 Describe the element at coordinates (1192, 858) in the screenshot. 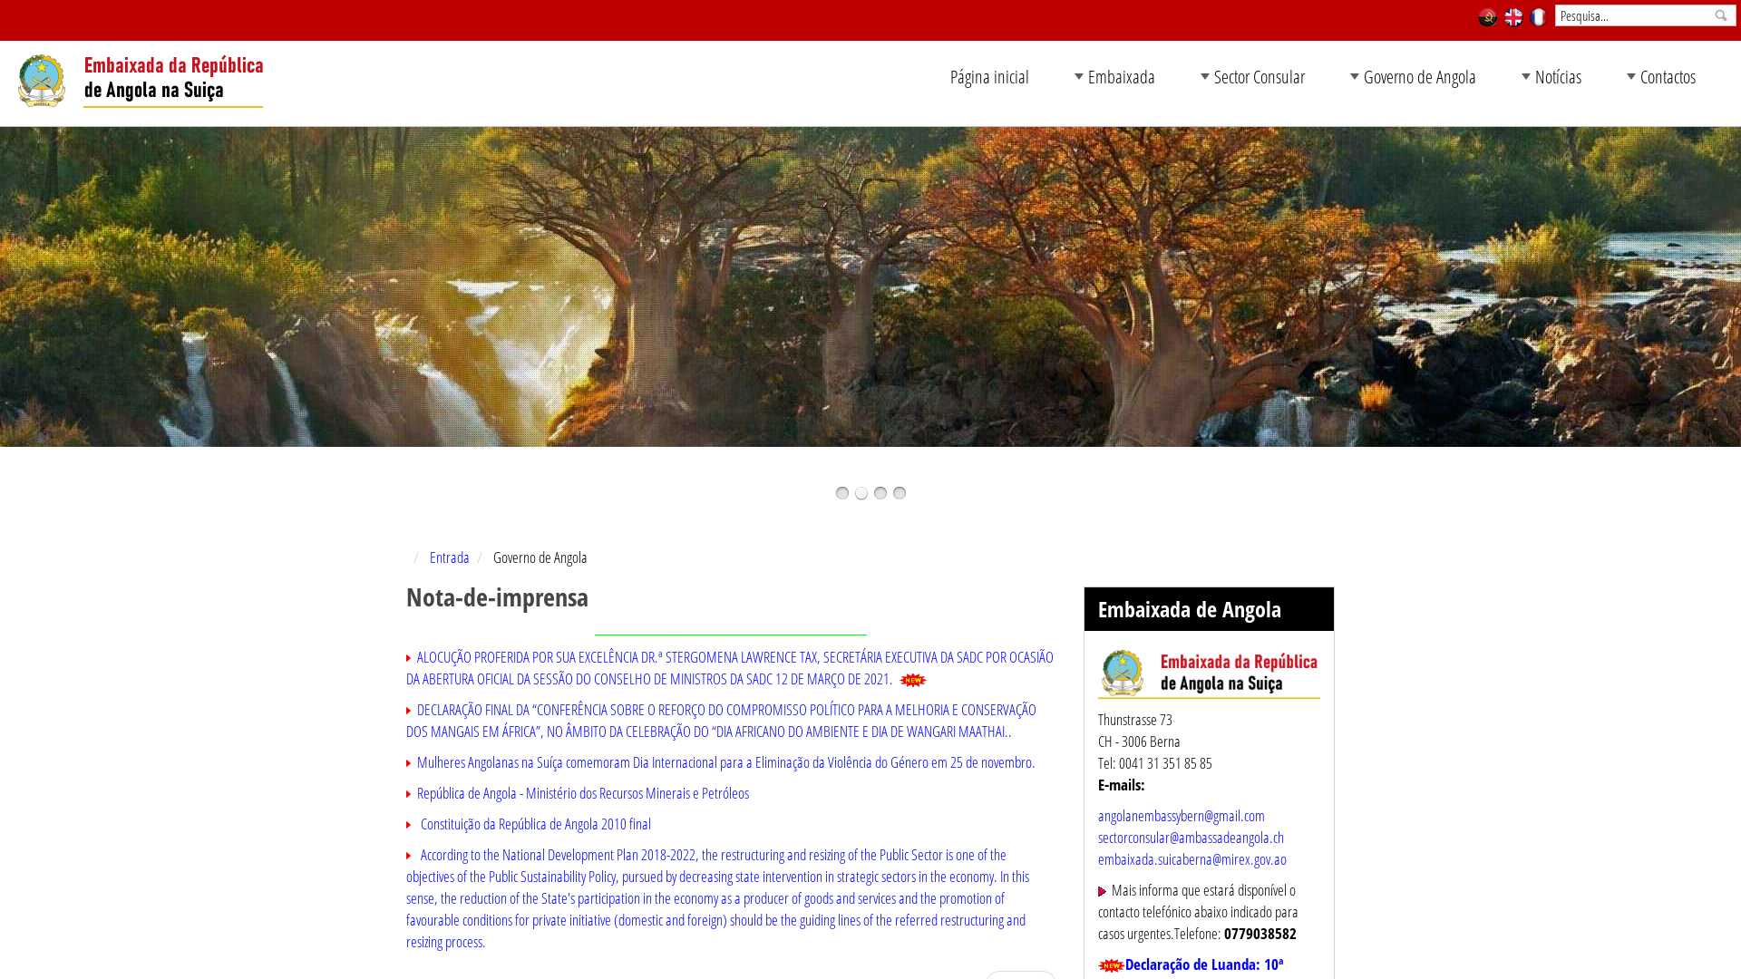

I see `'embaixada.suicaberna@mirex.gov.ao'` at that location.